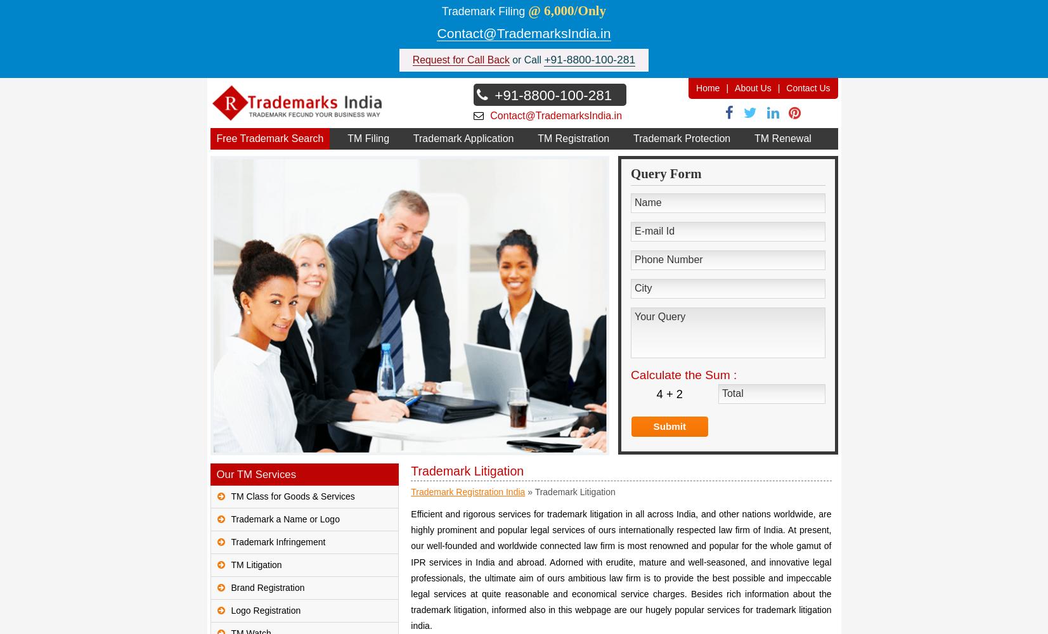  What do you see at coordinates (267, 587) in the screenshot?
I see `'Brand Registration'` at bounding box center [267, 587].